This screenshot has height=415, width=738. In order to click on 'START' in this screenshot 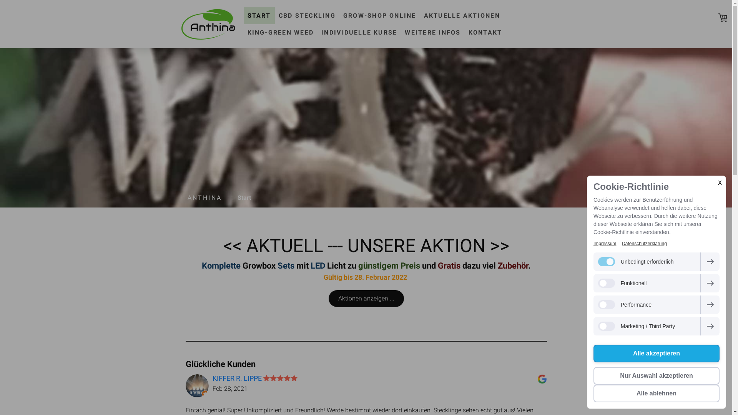, I will do `click(259, 15)`.